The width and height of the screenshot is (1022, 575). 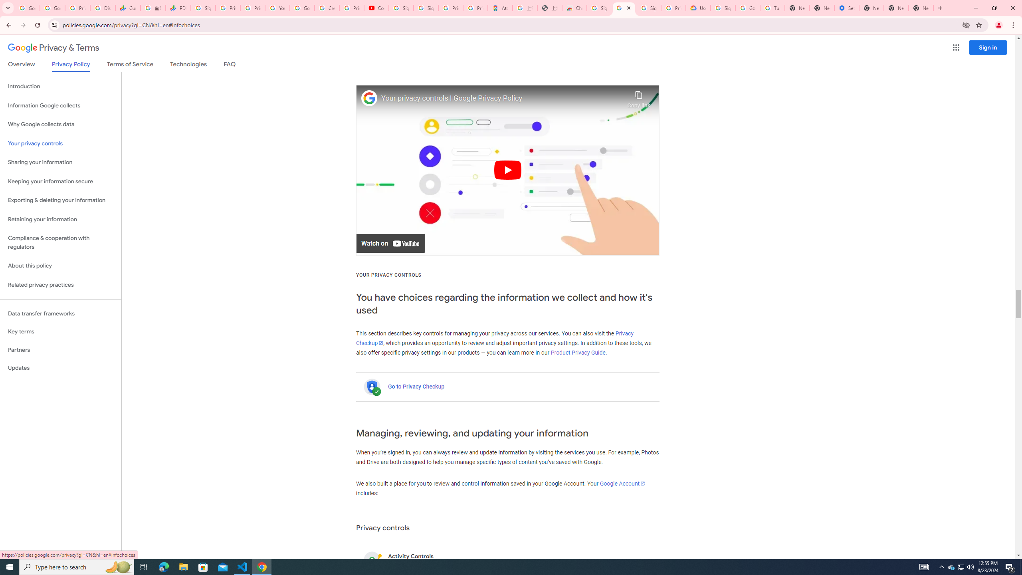 I want to click on 'Google Workspace Admin Community', so click(x=28, y=8).